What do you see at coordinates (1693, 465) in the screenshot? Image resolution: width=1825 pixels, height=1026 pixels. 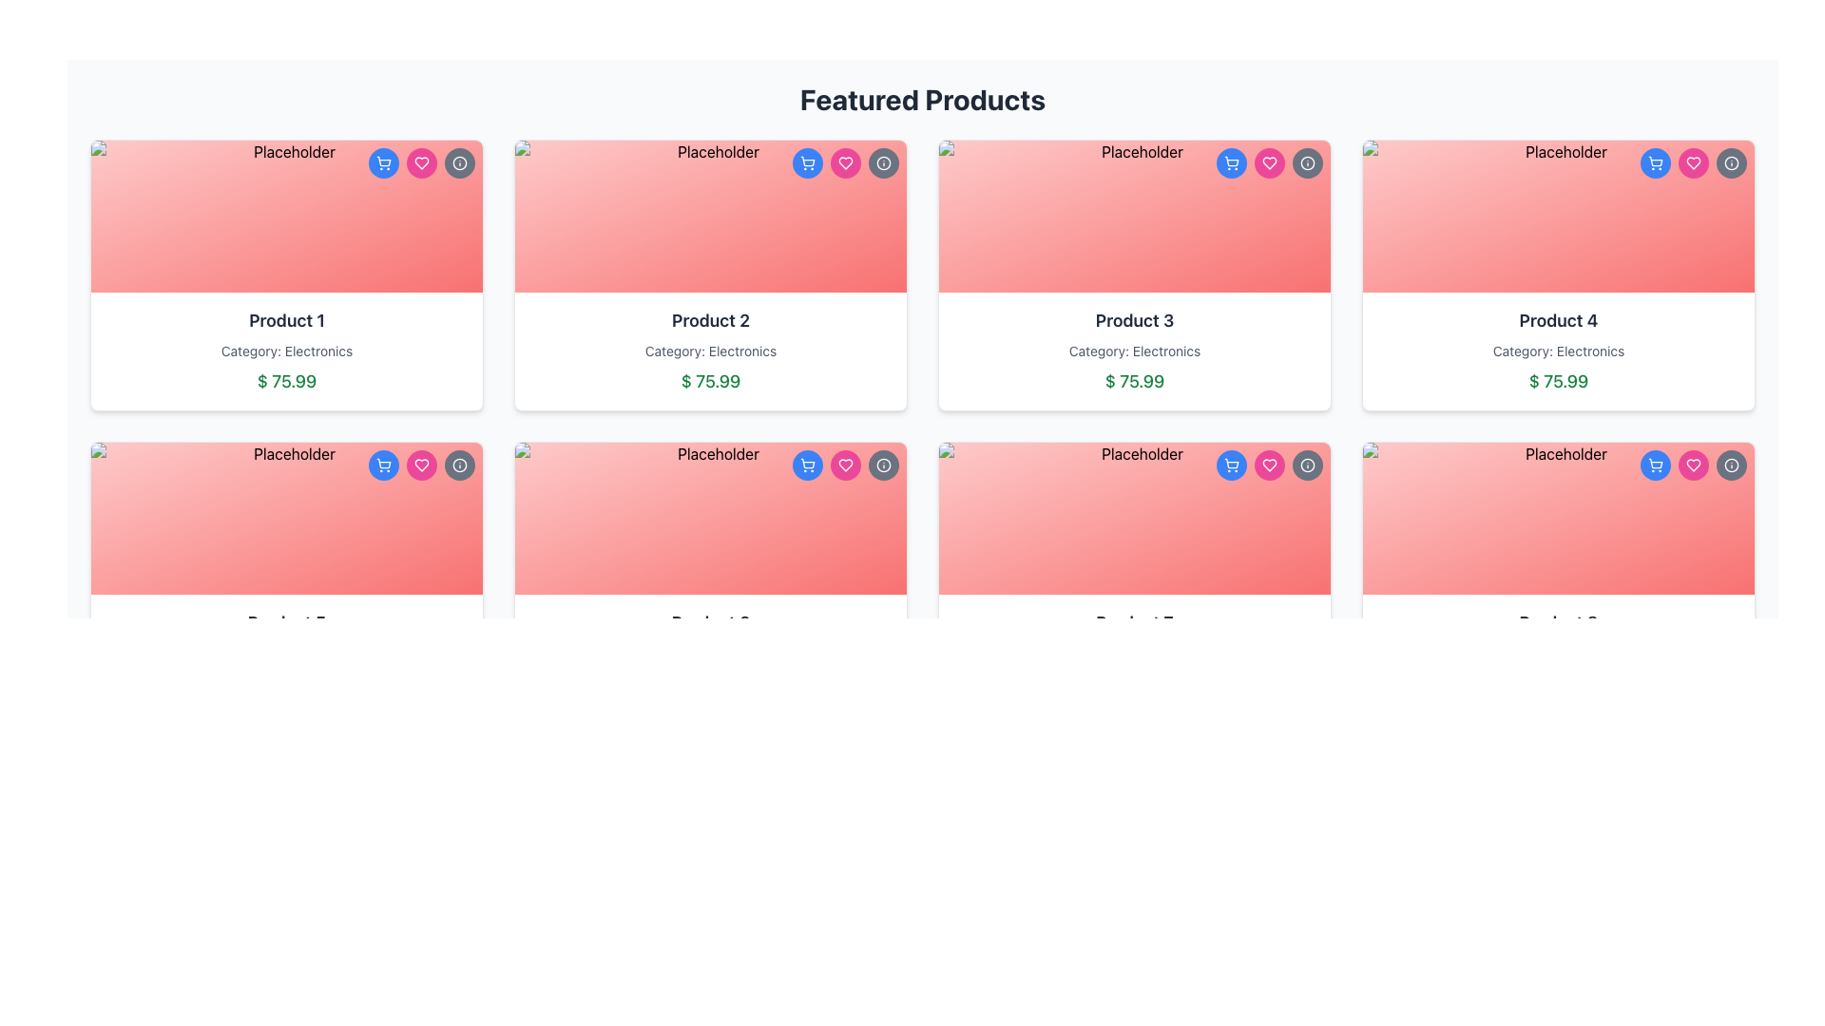 I see `the heart-shaped icon within the pink circular button located at the top-right corner of 'Product 4'` at bounding box center [1693, 465].